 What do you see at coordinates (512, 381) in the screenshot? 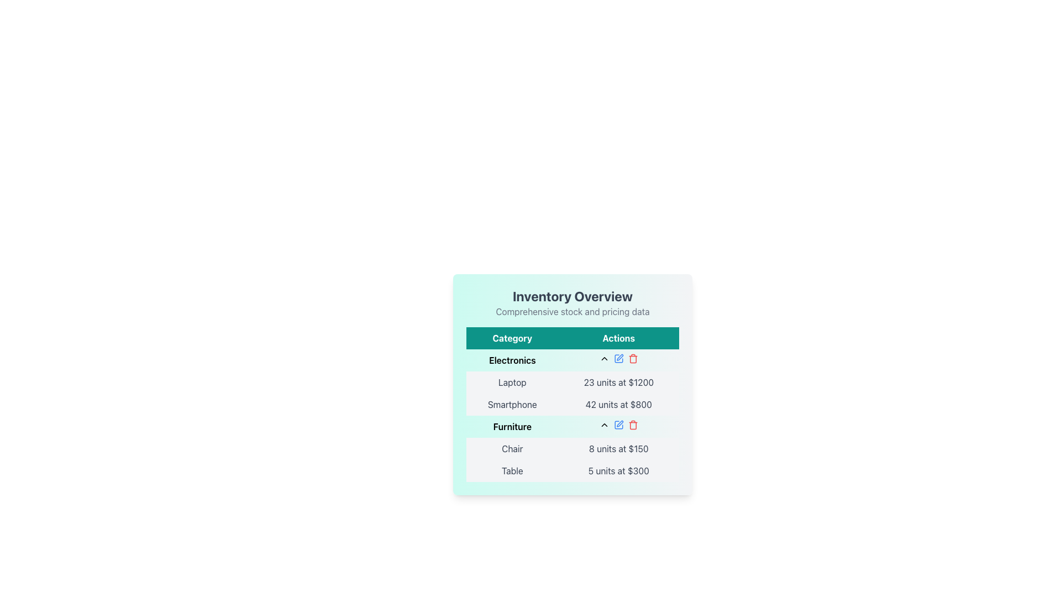
I see `static text element displaying 'Laptop' in the 'Category' column of the table under 'Electronics'` at bounding box center [512, 381].